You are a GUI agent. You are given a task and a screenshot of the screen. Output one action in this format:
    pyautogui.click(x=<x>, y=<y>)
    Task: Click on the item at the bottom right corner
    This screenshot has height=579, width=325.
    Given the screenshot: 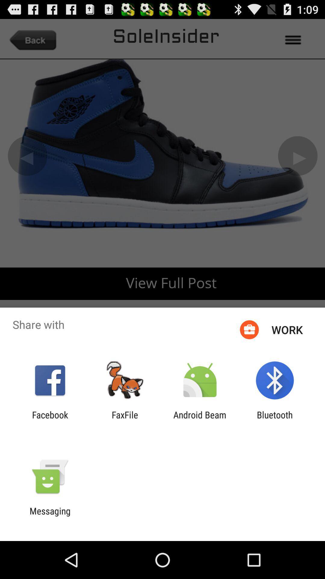 What is the action you would take?
    pyautogui.click(x=275, y=420)
    